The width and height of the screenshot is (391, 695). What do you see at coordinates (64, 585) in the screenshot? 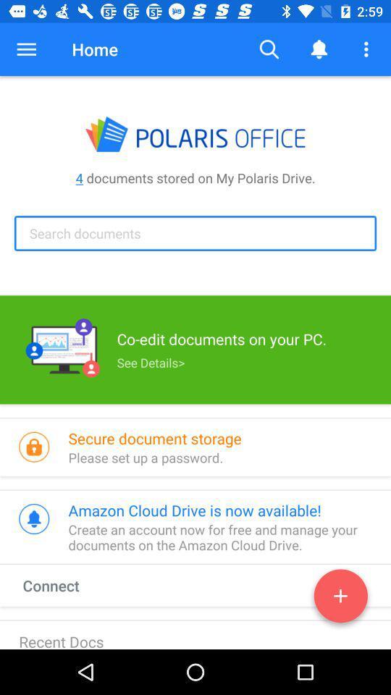
I see `item above the recent docs item` at bounding box center [64, 585].